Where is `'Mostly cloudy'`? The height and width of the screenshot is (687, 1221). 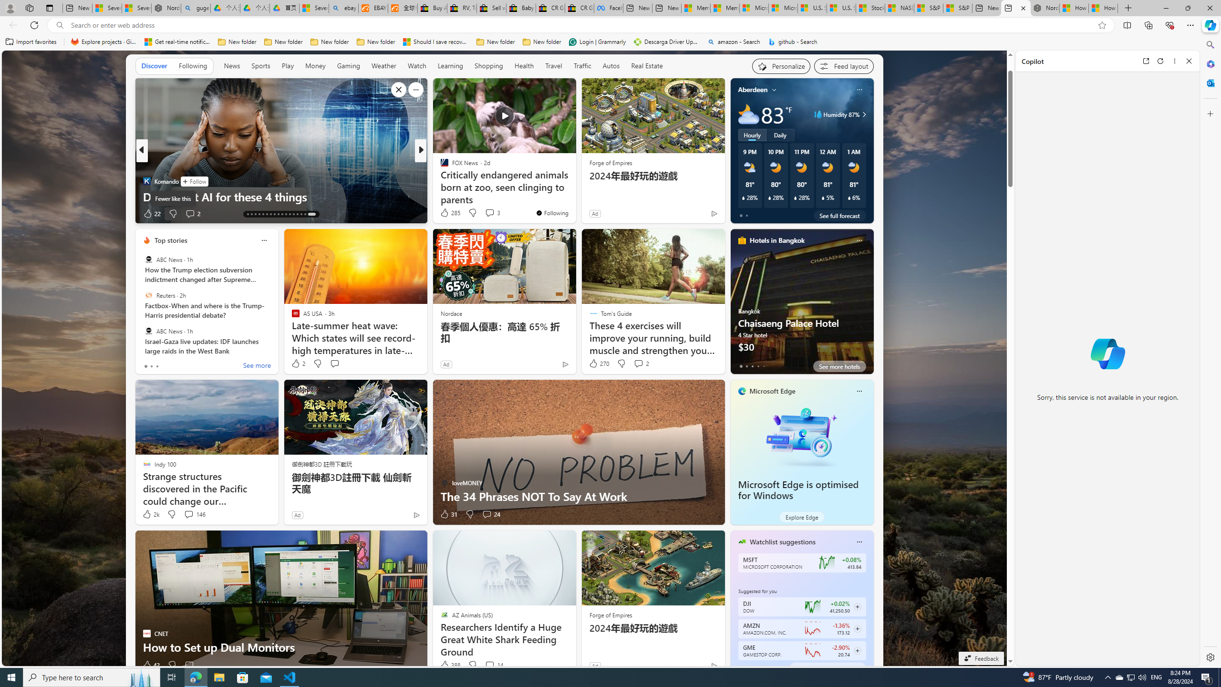
'Mostly cloudy' is located at coordinates (748, 114).